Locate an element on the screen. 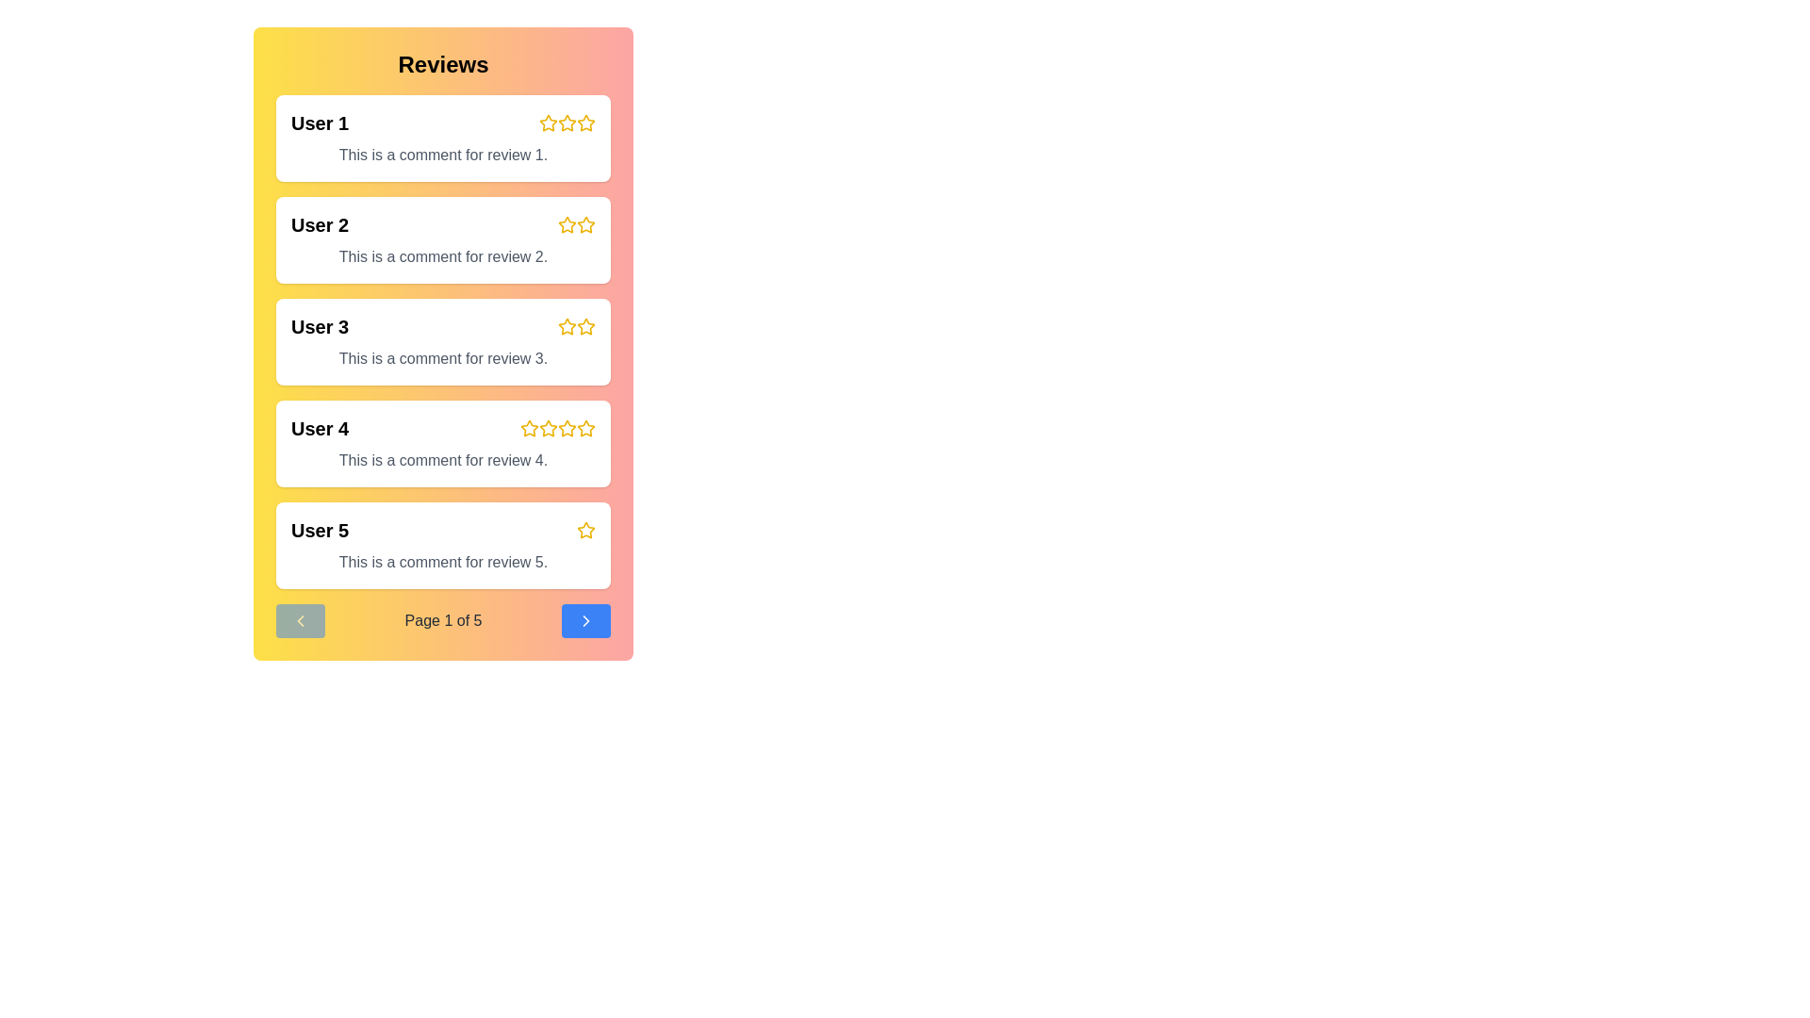  the Review card displaying the reviewer's name and comment, located at the bottom of the layout under the 'Reviews' section is located at coordinates (442, 545).